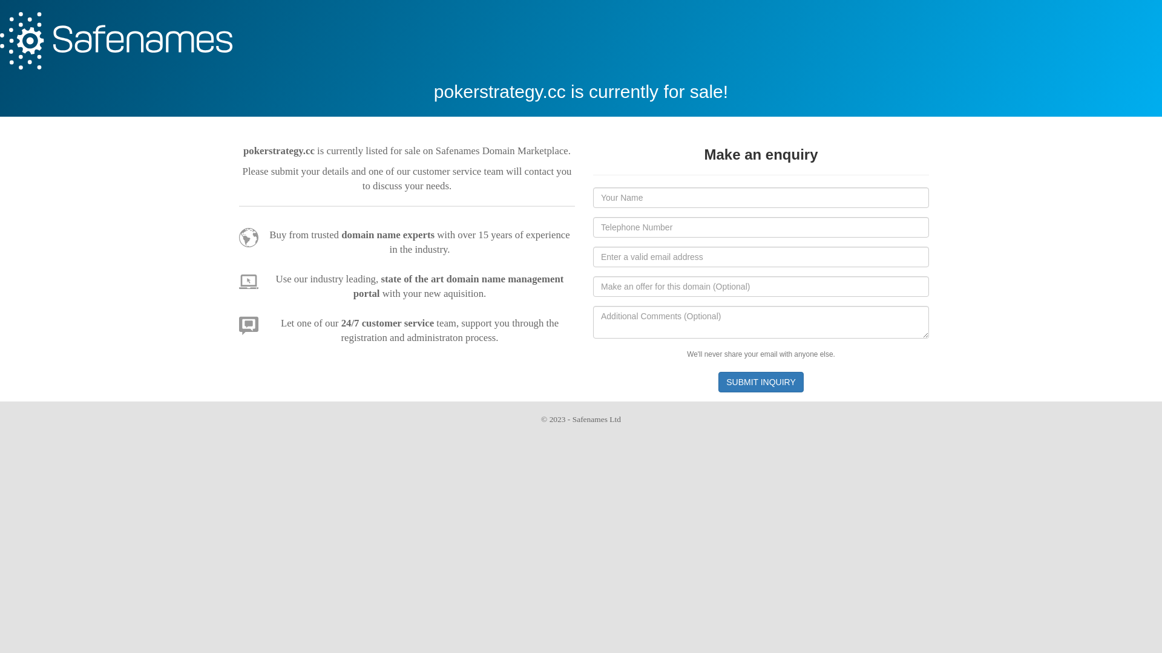 The width and height of the screenshot is (1162, 653). Describe the element at coordinates (760, 382) in the screenshot. I see `'SUBMIT INQUIRY'` at that location.